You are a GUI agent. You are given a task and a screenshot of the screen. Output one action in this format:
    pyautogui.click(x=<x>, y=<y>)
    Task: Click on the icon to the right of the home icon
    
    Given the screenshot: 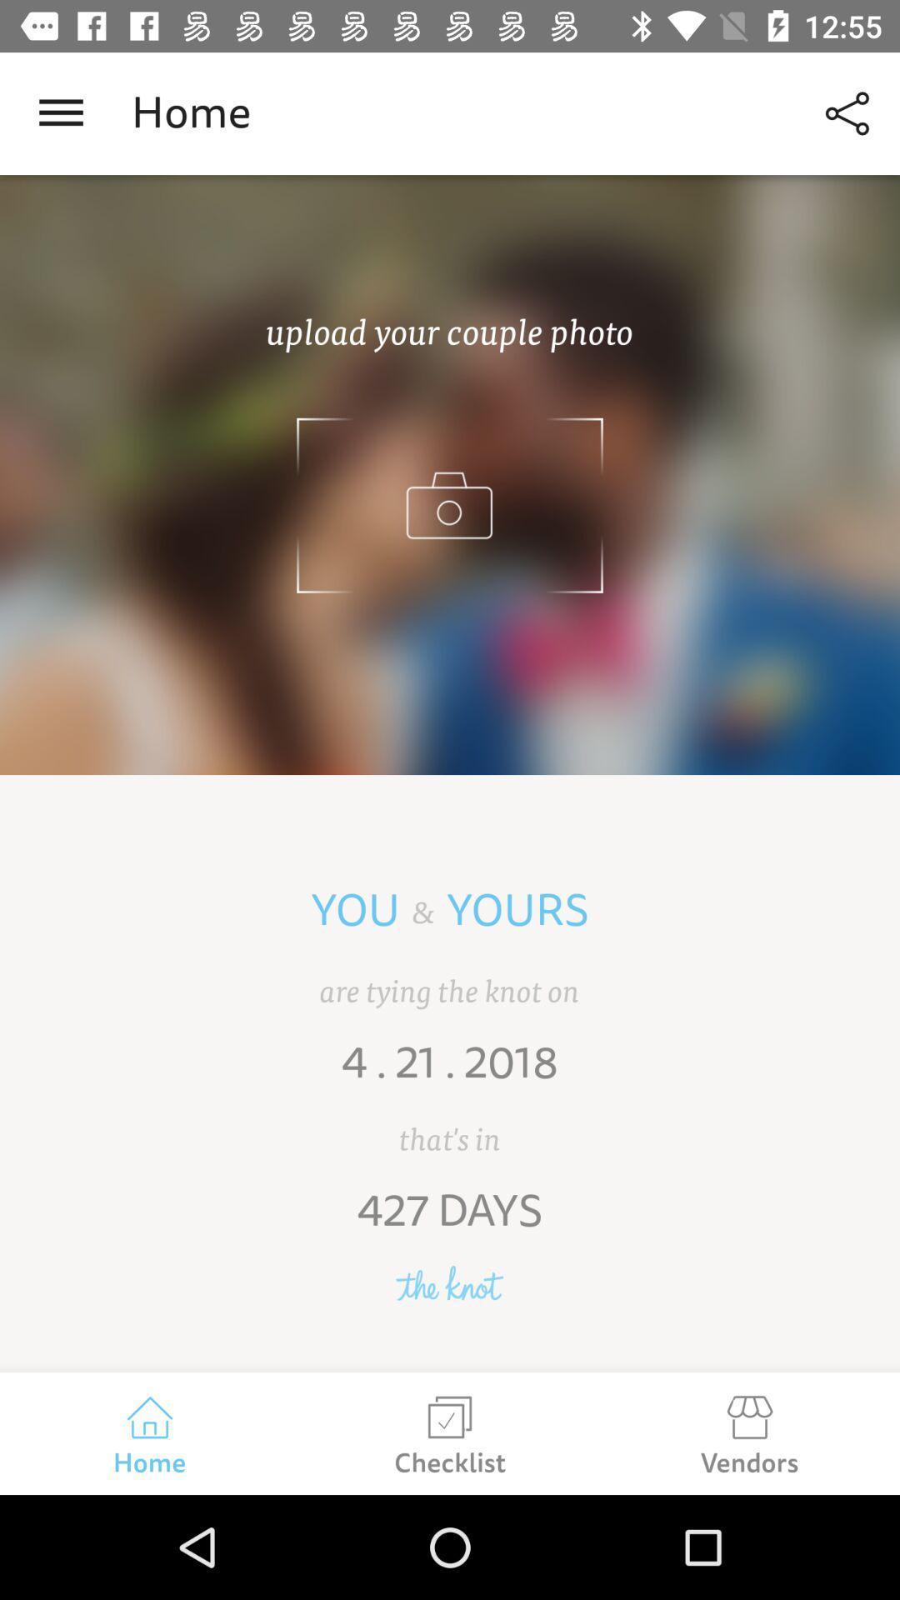 What is the action you would take?
    pyautogui.click(x=847, y=112)
    